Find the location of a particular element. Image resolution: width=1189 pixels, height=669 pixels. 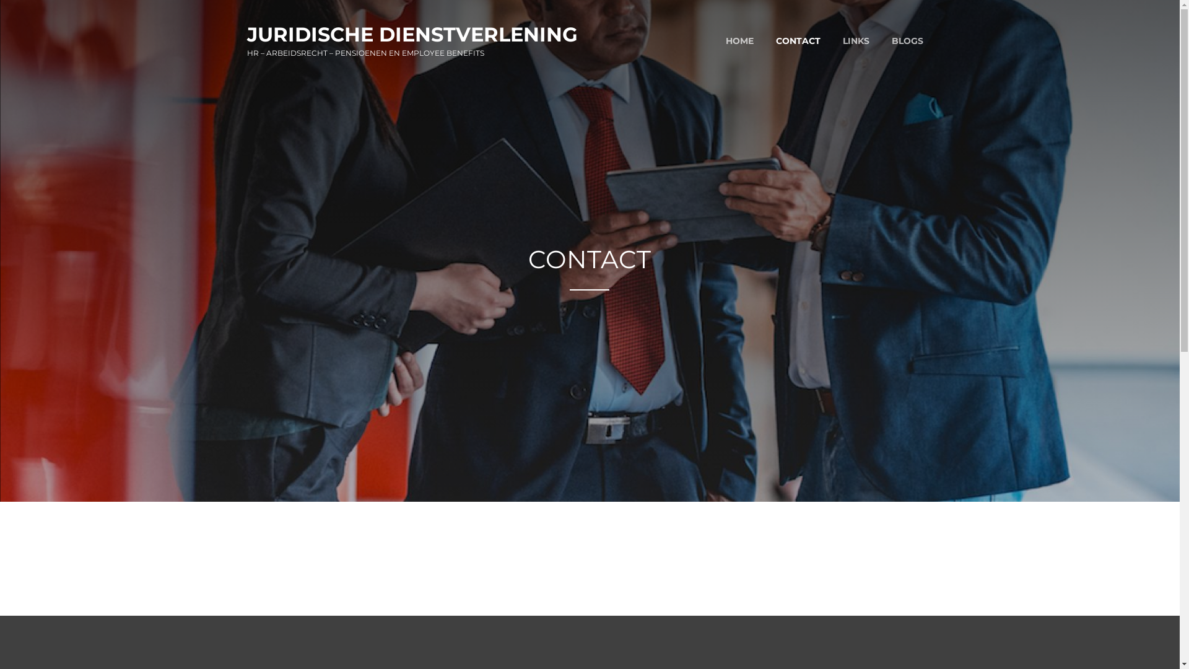

'JURIDISCHE DIENSTVERLENING' is located at coordinates (412, 33).